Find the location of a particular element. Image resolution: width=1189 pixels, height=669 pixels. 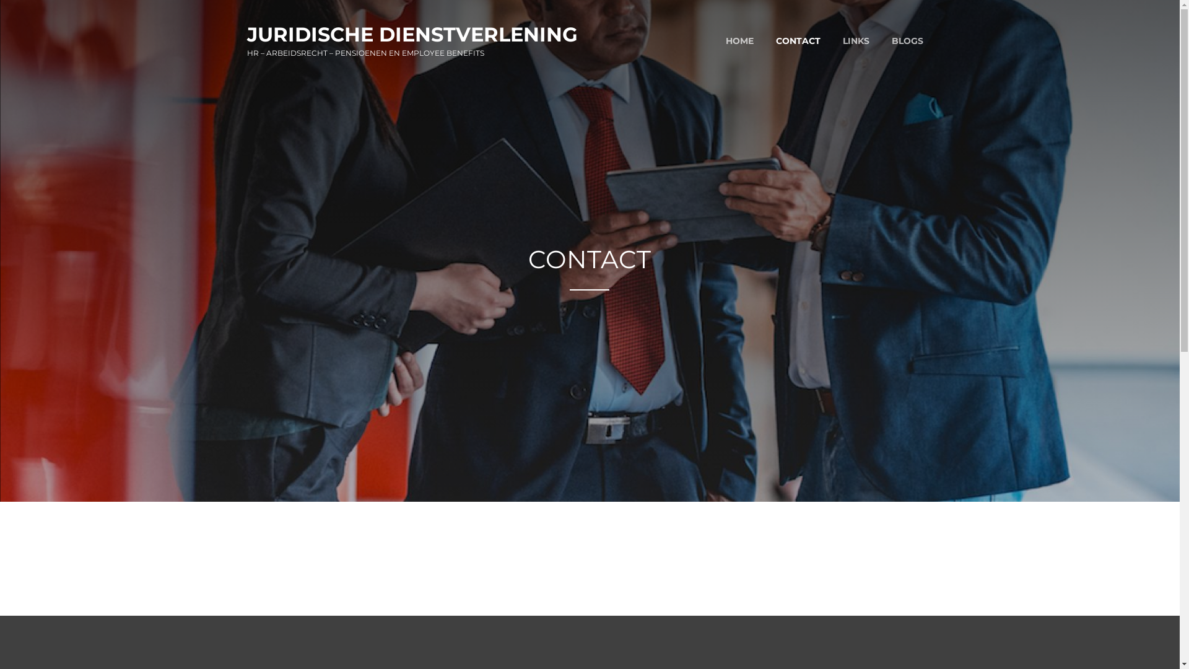

'JURIDISCHE DIENSTVERLENING' is located at coordinates (412, 33).